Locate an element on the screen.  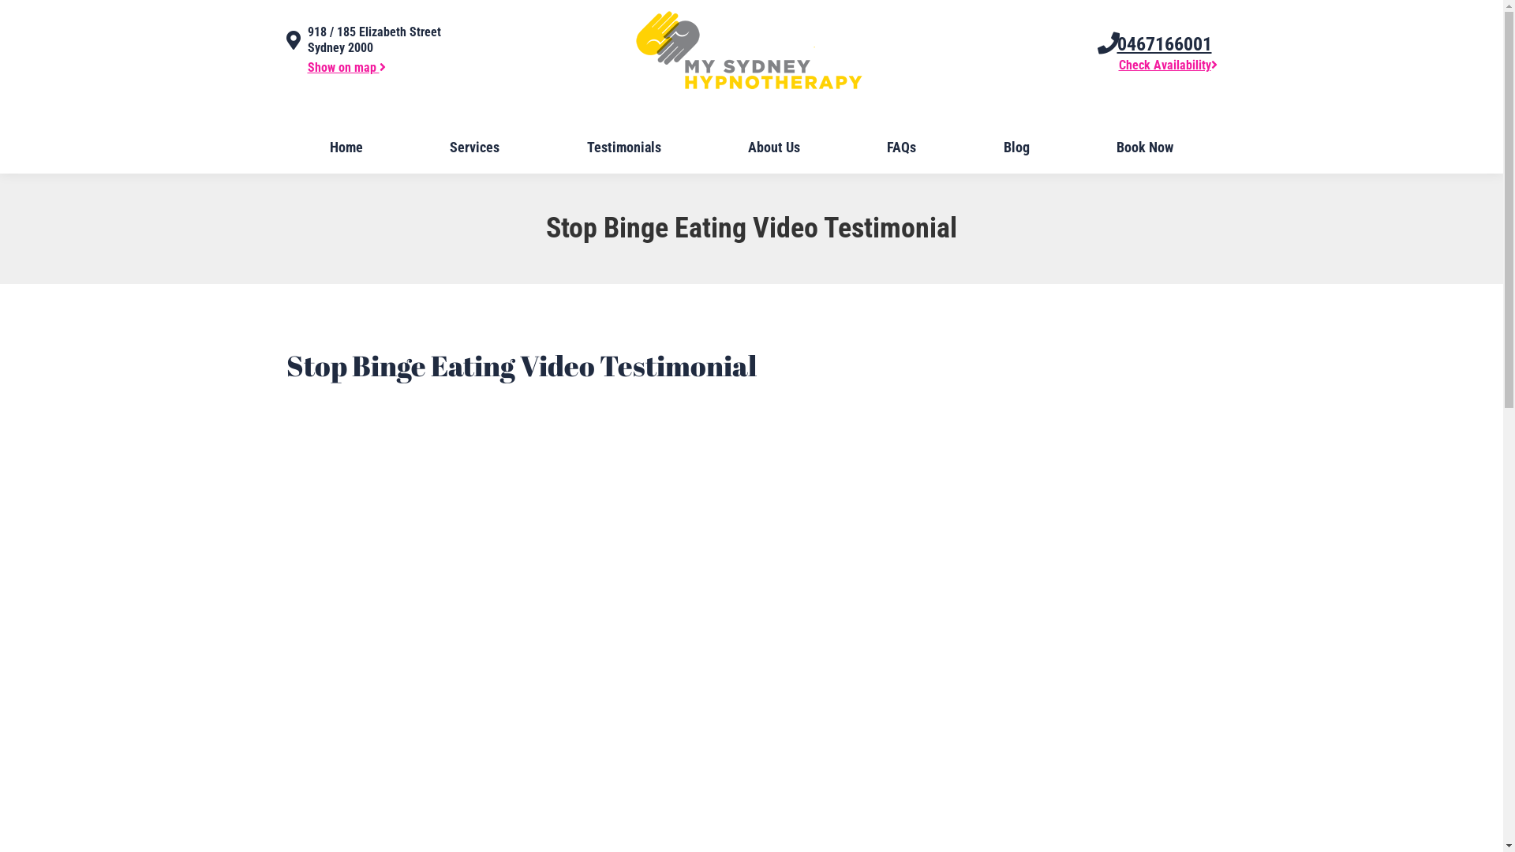
'Book Now' is located at coordinates (1074, 147).